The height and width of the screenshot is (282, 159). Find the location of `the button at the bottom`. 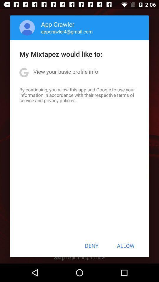

the button at the bottom is located at coordinates (92, 246).